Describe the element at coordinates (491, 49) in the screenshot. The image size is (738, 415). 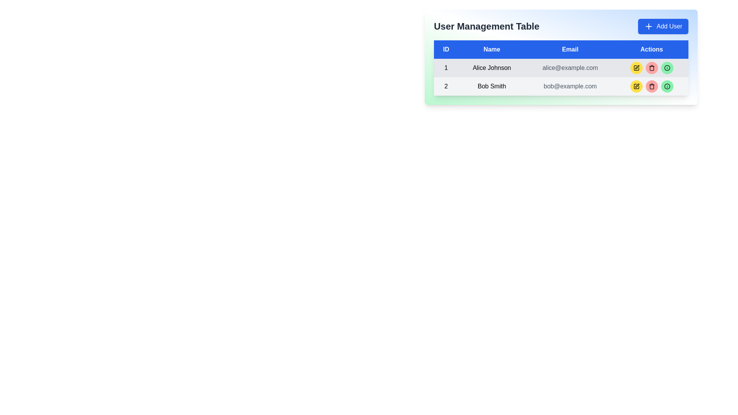
I see `the 'Name' column header in the table, which is the second header located between the 'ID' and 'Email' column headers` at that location.